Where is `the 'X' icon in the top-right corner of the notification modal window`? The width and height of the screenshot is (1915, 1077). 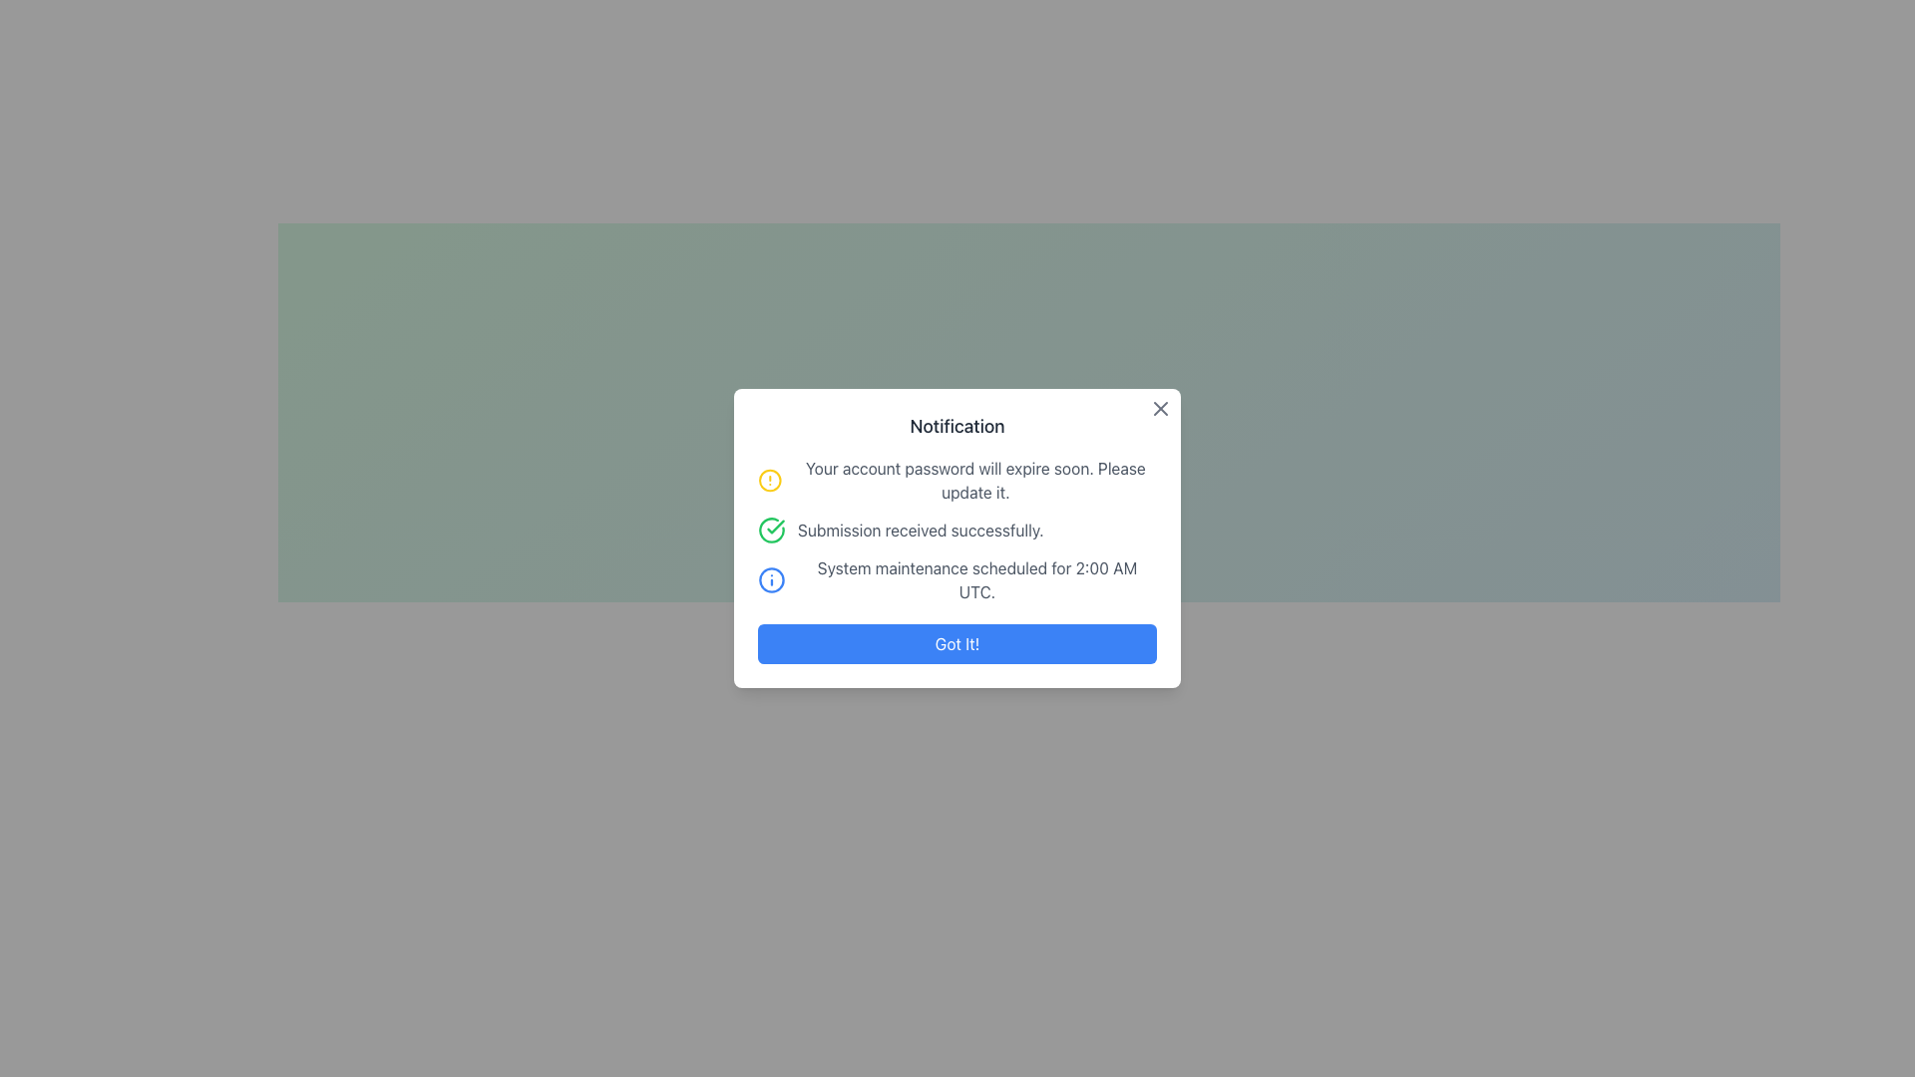
the 'X' icon in the top-right corner of the notification modal window is located at coordinates (1160, 407).